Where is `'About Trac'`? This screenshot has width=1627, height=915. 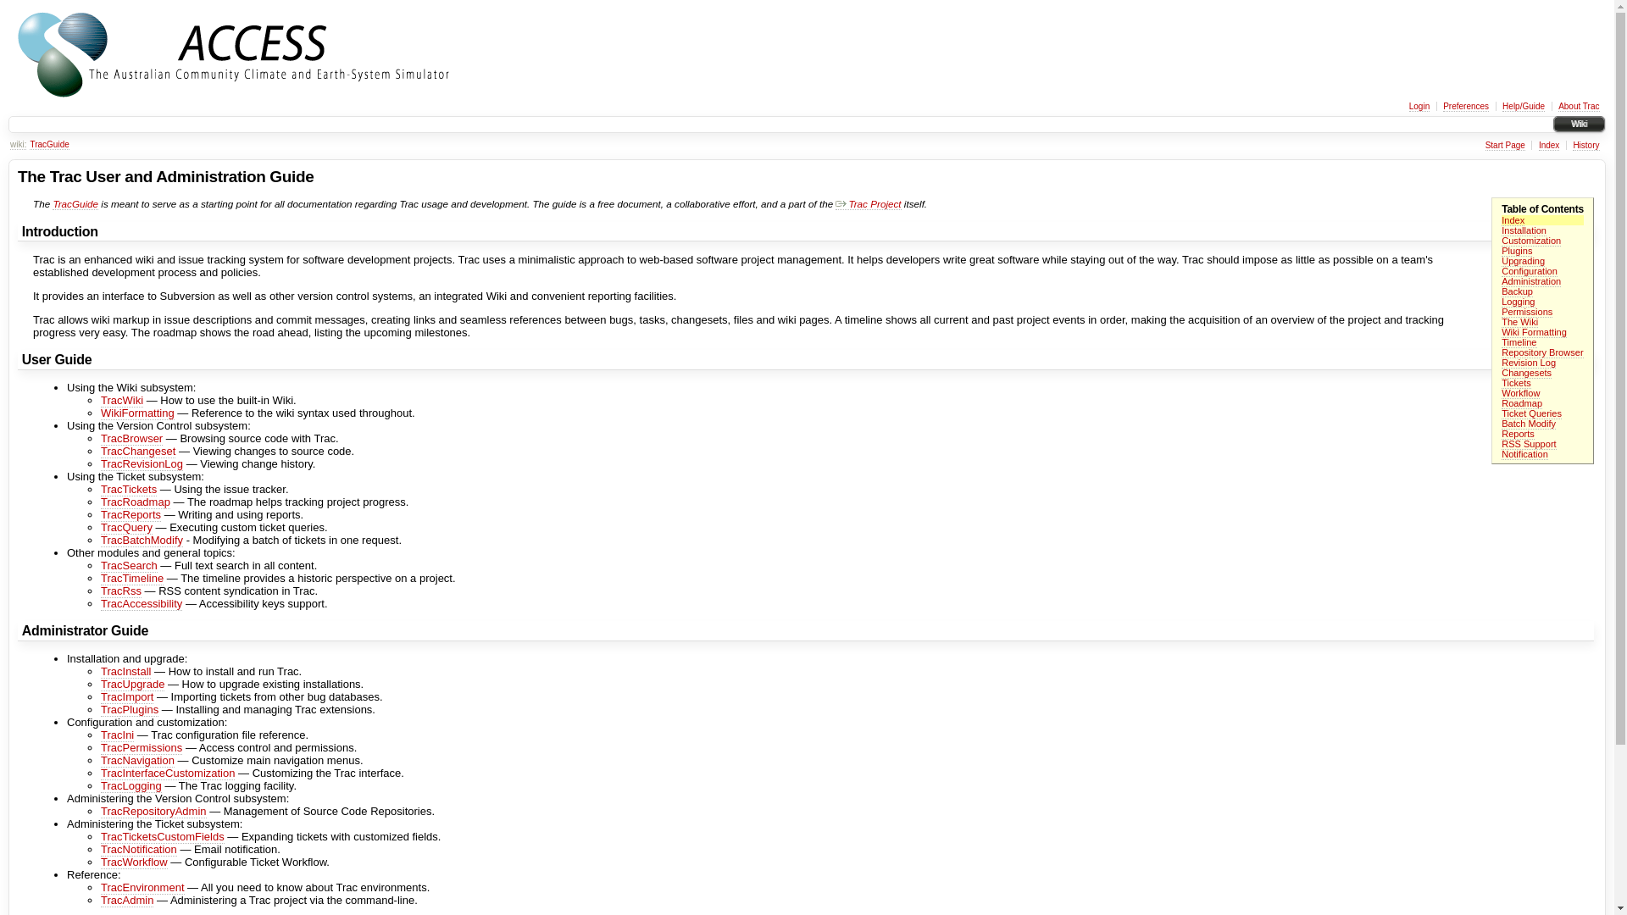
'About Trac' is located at coordinates (1577, 107).